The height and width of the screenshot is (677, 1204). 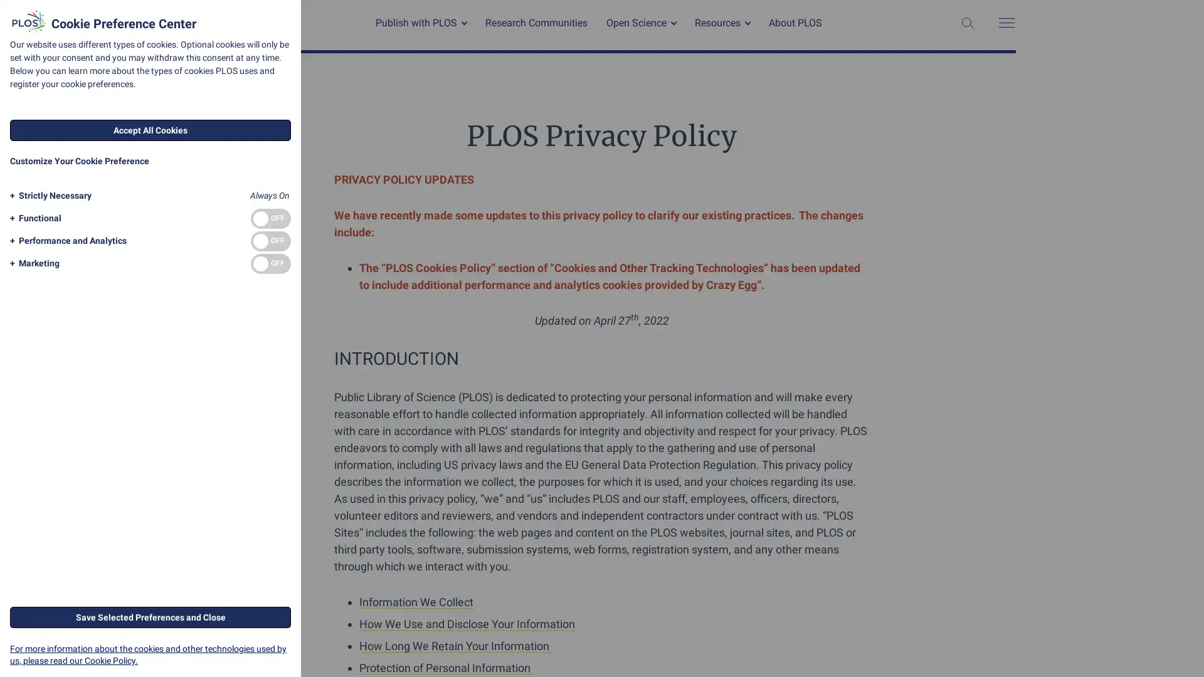 I want to click on Save Selected Preferences and Close, so click(x=150, y=616).